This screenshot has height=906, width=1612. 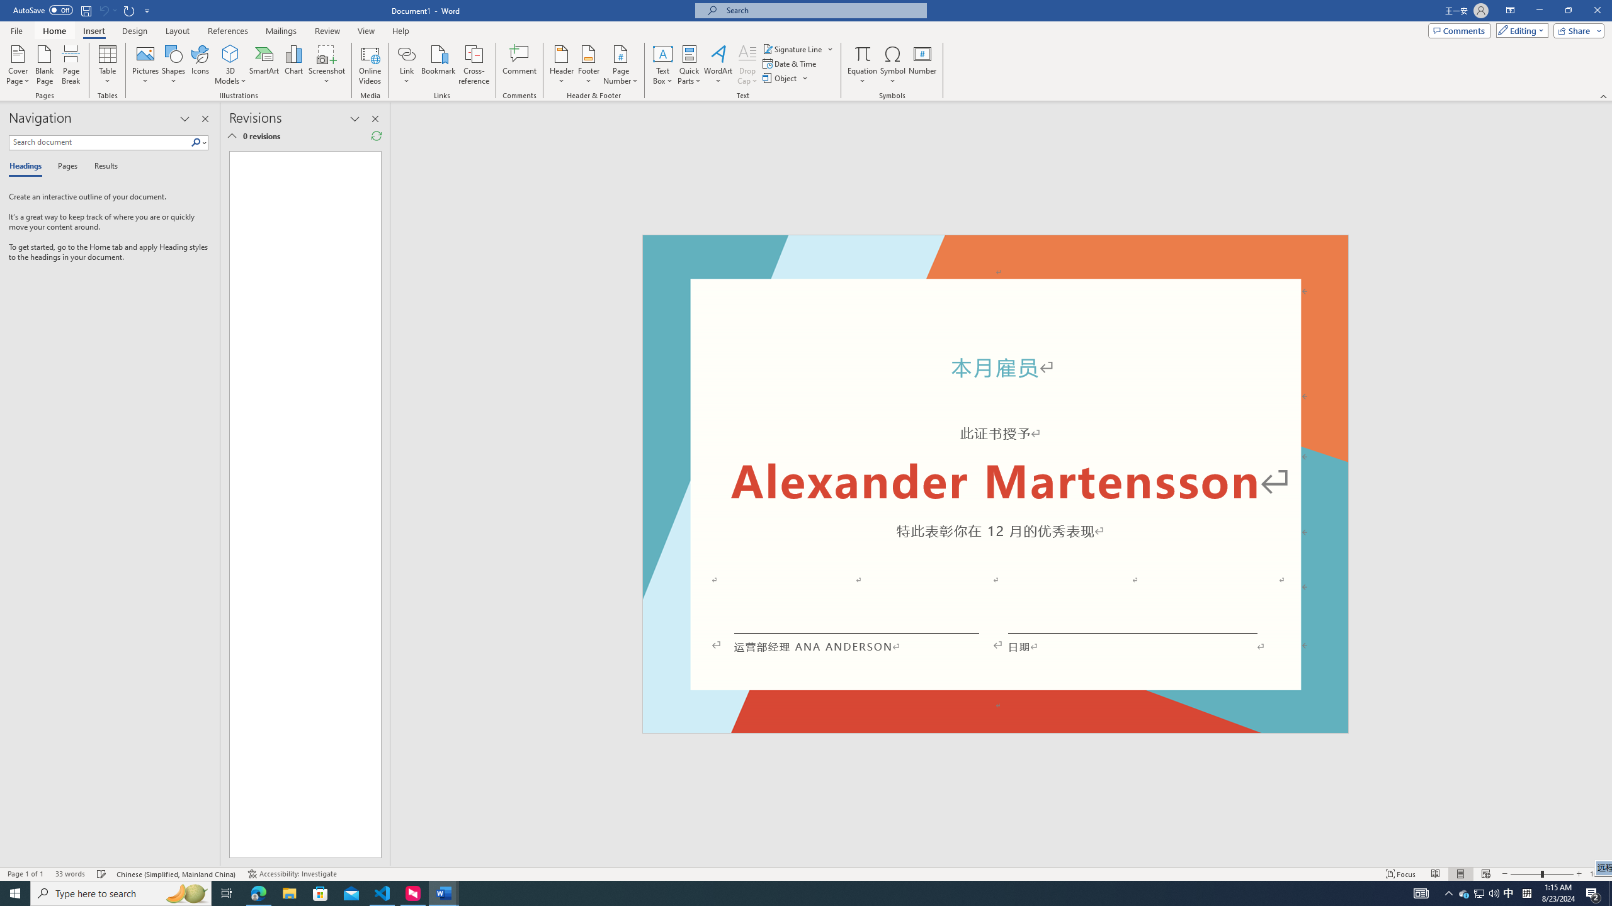 What do you see at coordinates (264, 65) in the screenshot?
I see `'SmartArt...'` at bounding box center [264, 65].